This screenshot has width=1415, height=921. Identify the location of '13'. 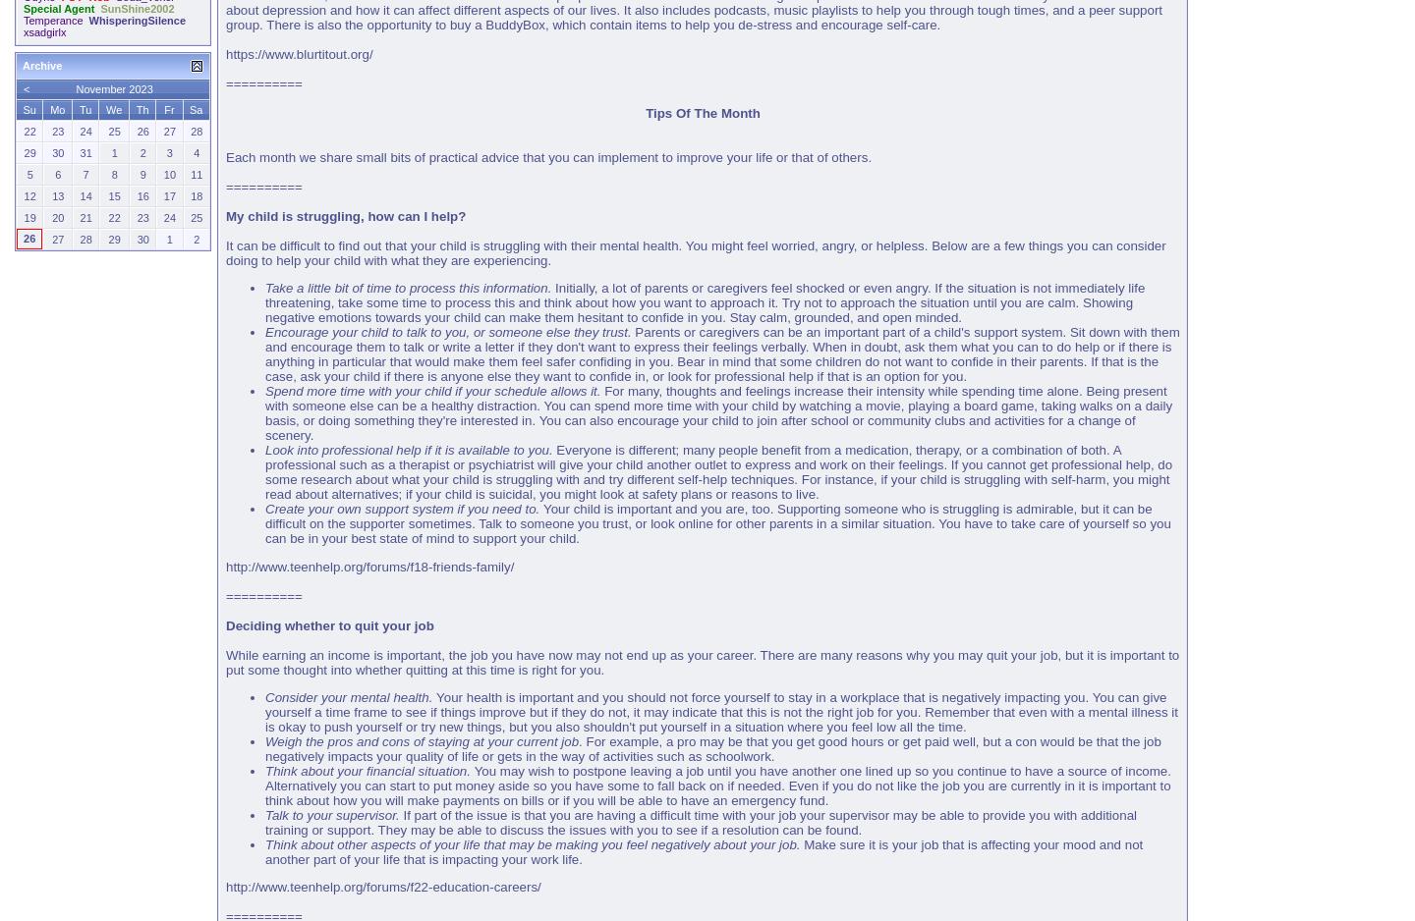
(50, 194).